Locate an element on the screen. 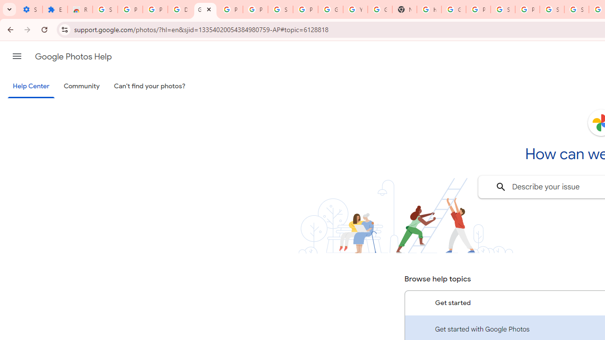  'Community' is located at coordinates (81, 86).